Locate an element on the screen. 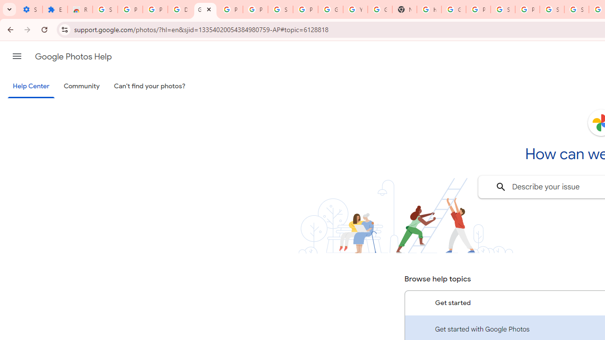  'Community' is located at coordinates (81, 86).